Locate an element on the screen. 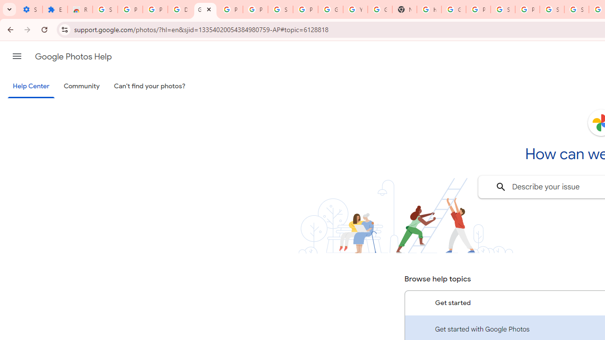  'Community' is located at coordinates (81, 86).